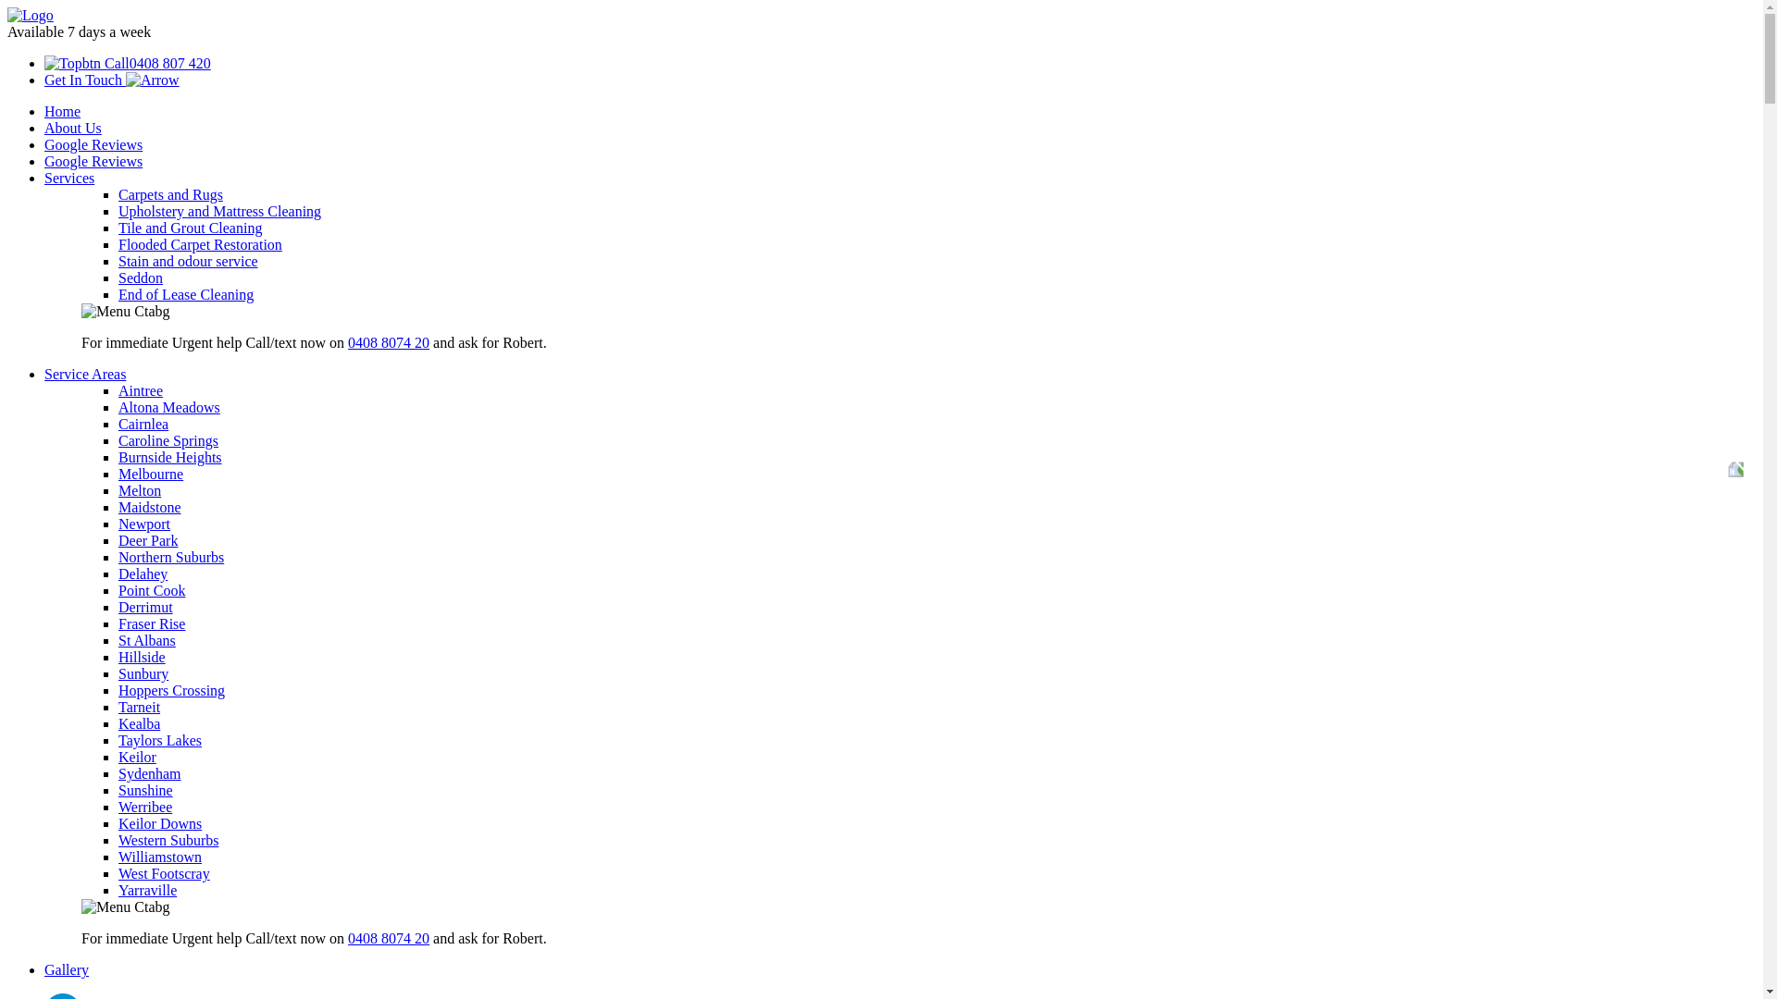  What do you see at coordinates (142, 673) in the screenshot?
I see `'Sunbury'` at bounding box center [142, 673].